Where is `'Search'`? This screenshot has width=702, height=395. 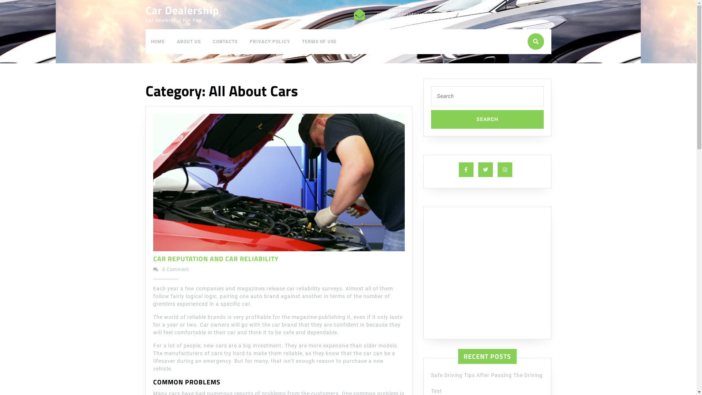
'Search' is located at coordinates (487, 118).